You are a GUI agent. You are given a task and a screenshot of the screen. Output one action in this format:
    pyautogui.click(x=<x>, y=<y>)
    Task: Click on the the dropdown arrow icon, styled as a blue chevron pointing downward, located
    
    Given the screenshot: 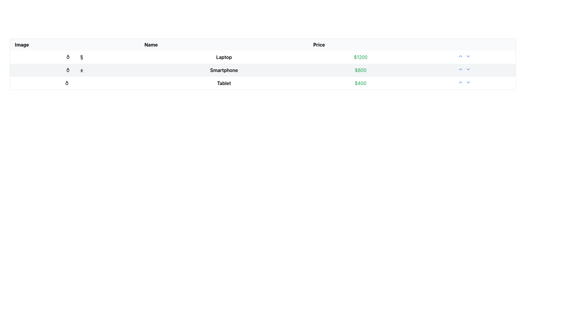 What is the action you would take?
    pyautogui.click(x=468, y=82)
    